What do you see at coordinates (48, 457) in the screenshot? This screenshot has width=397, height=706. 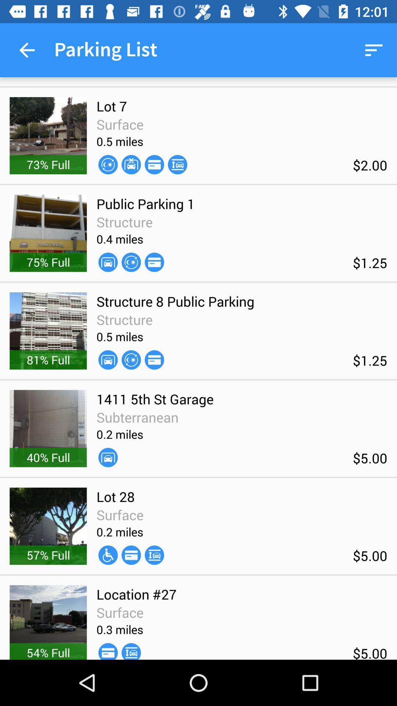 I see `the 40% full` at bounding box center [48, 457].